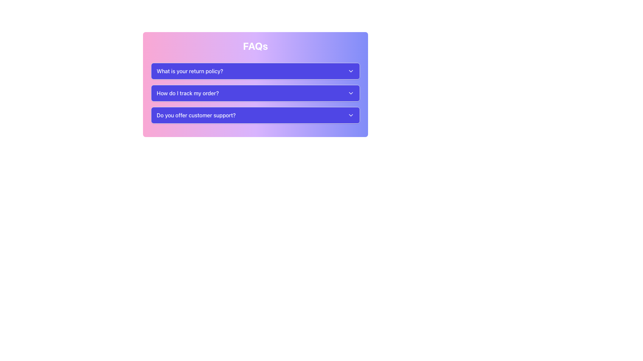 The image size is (643, 361). Describe the element at coordinates (350, 115) in the screenshot. I see `the downwards arrow icon located to the right of the text 'Do you offer customer support?' within the blue button` at that location.